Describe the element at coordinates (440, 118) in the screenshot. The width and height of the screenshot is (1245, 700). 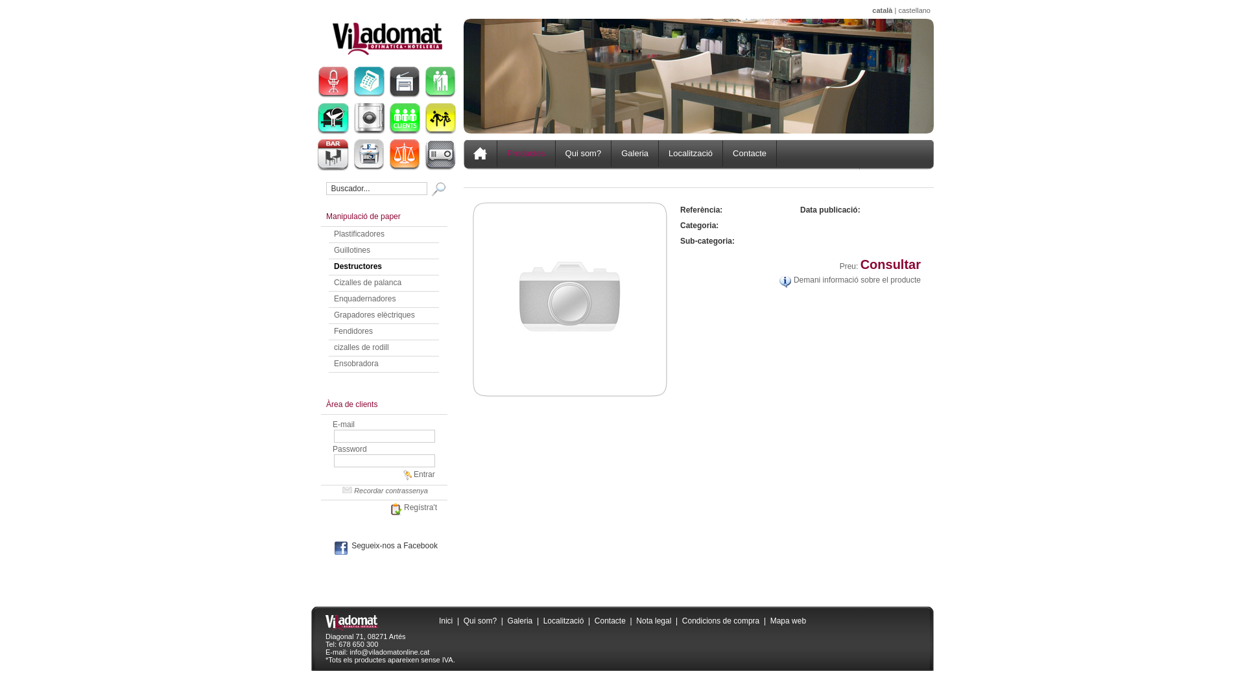
I see `'Mobiliari escolar'` at that location.